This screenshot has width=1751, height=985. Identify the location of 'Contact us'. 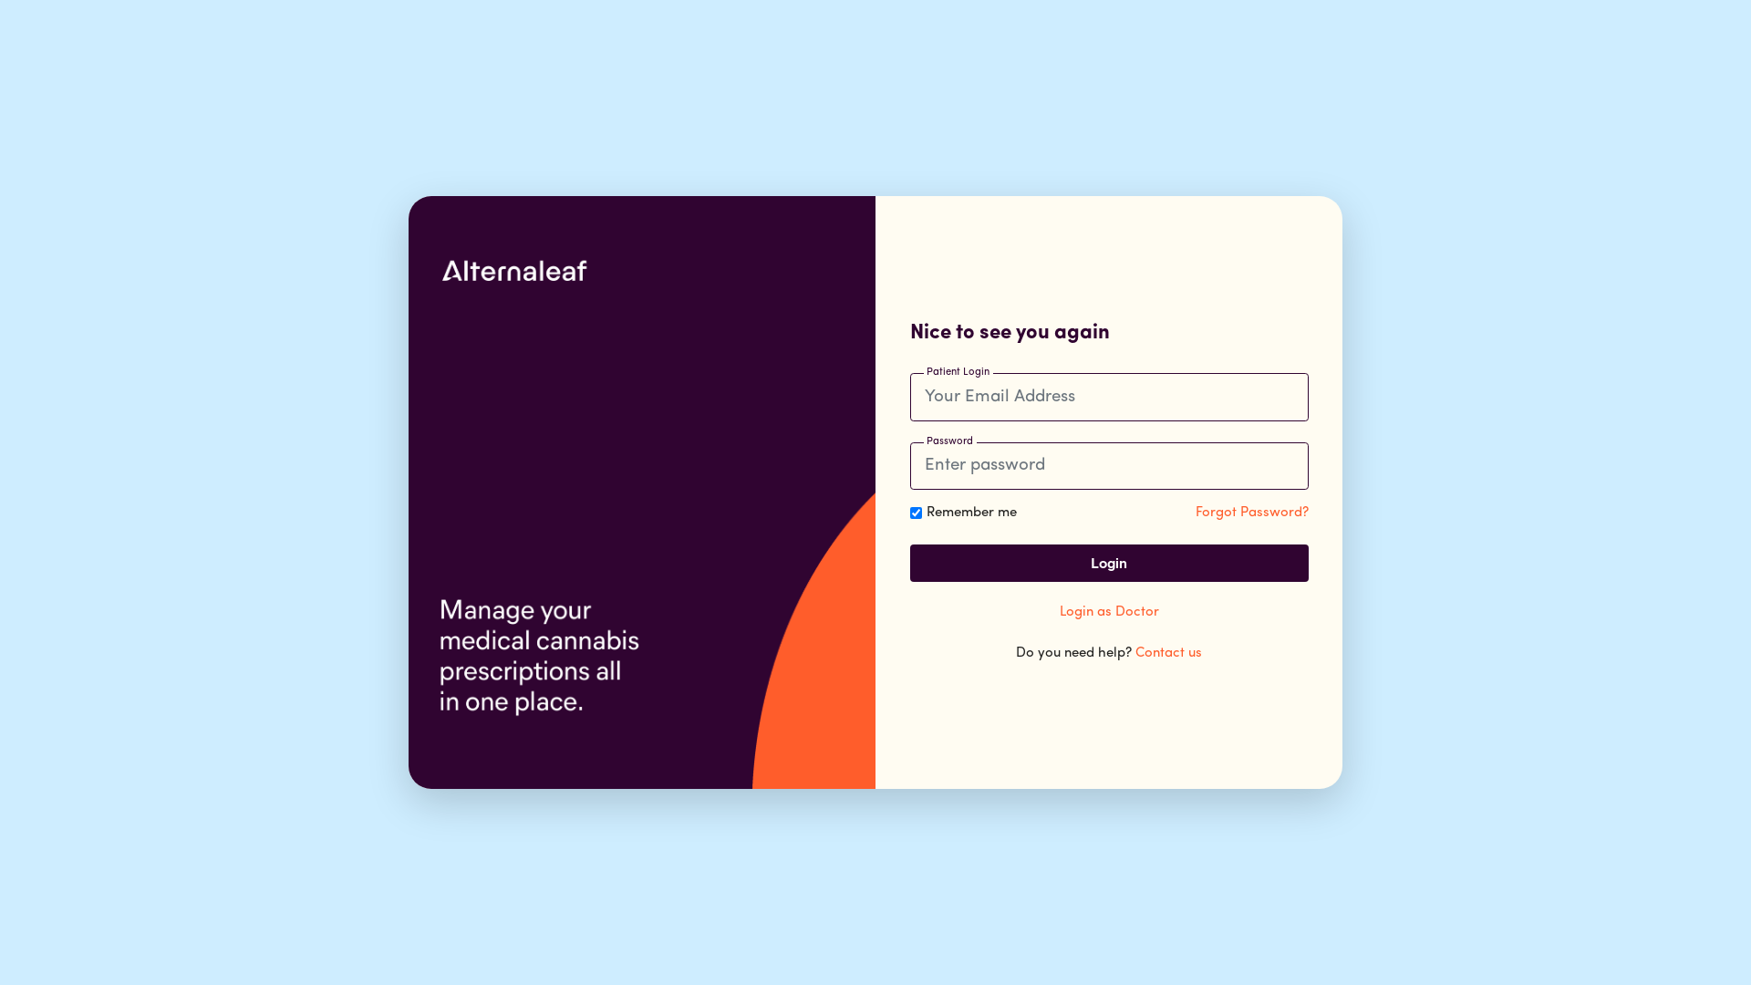
(1168, 652).